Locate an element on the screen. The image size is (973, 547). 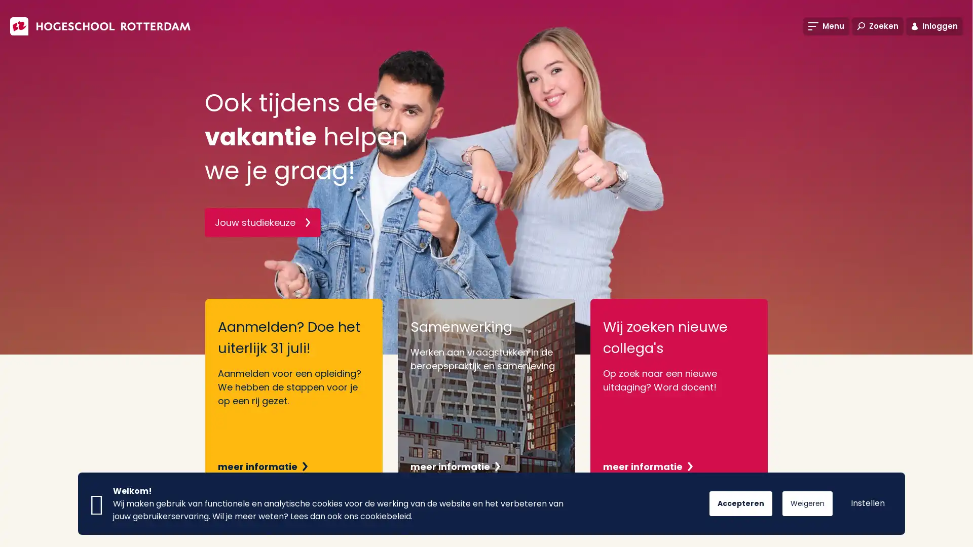
Accepteren is located at coordinates (740, 503).